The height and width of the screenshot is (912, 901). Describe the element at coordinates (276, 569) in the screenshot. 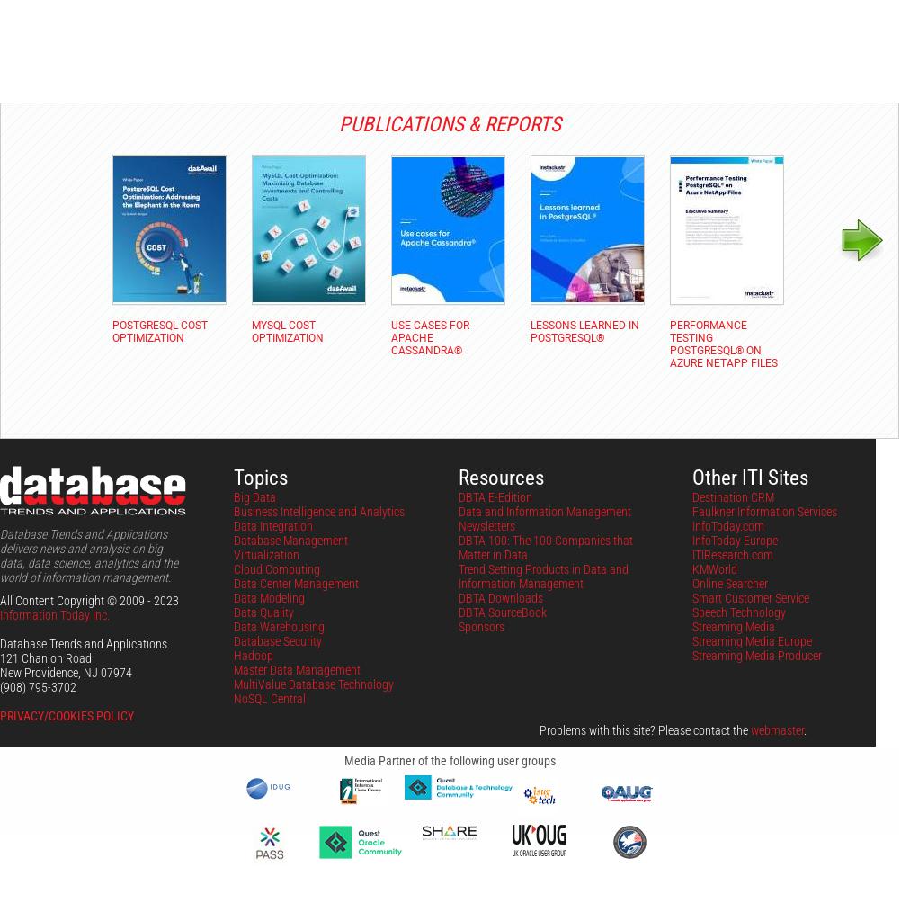

I see `'Cloud Computing'` at that location.